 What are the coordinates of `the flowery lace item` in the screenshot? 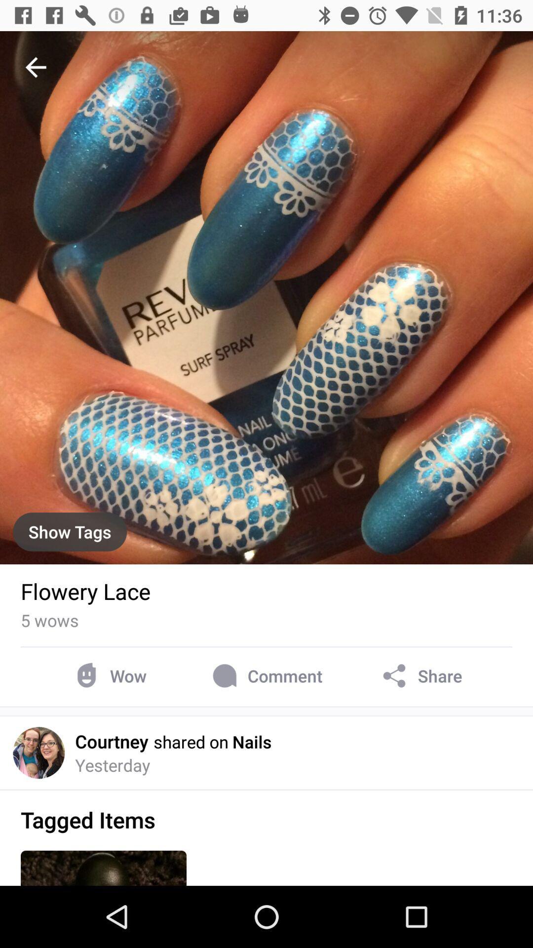 It's located at (85, 591).